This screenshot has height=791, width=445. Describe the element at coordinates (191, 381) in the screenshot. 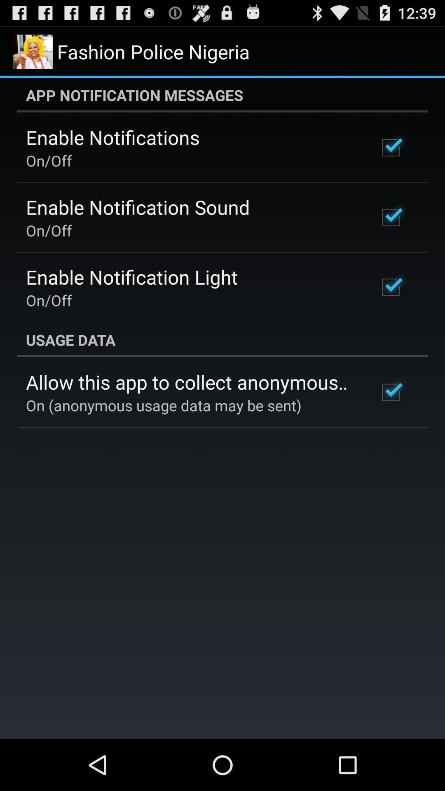

I see `app below the usage data item` at that location.